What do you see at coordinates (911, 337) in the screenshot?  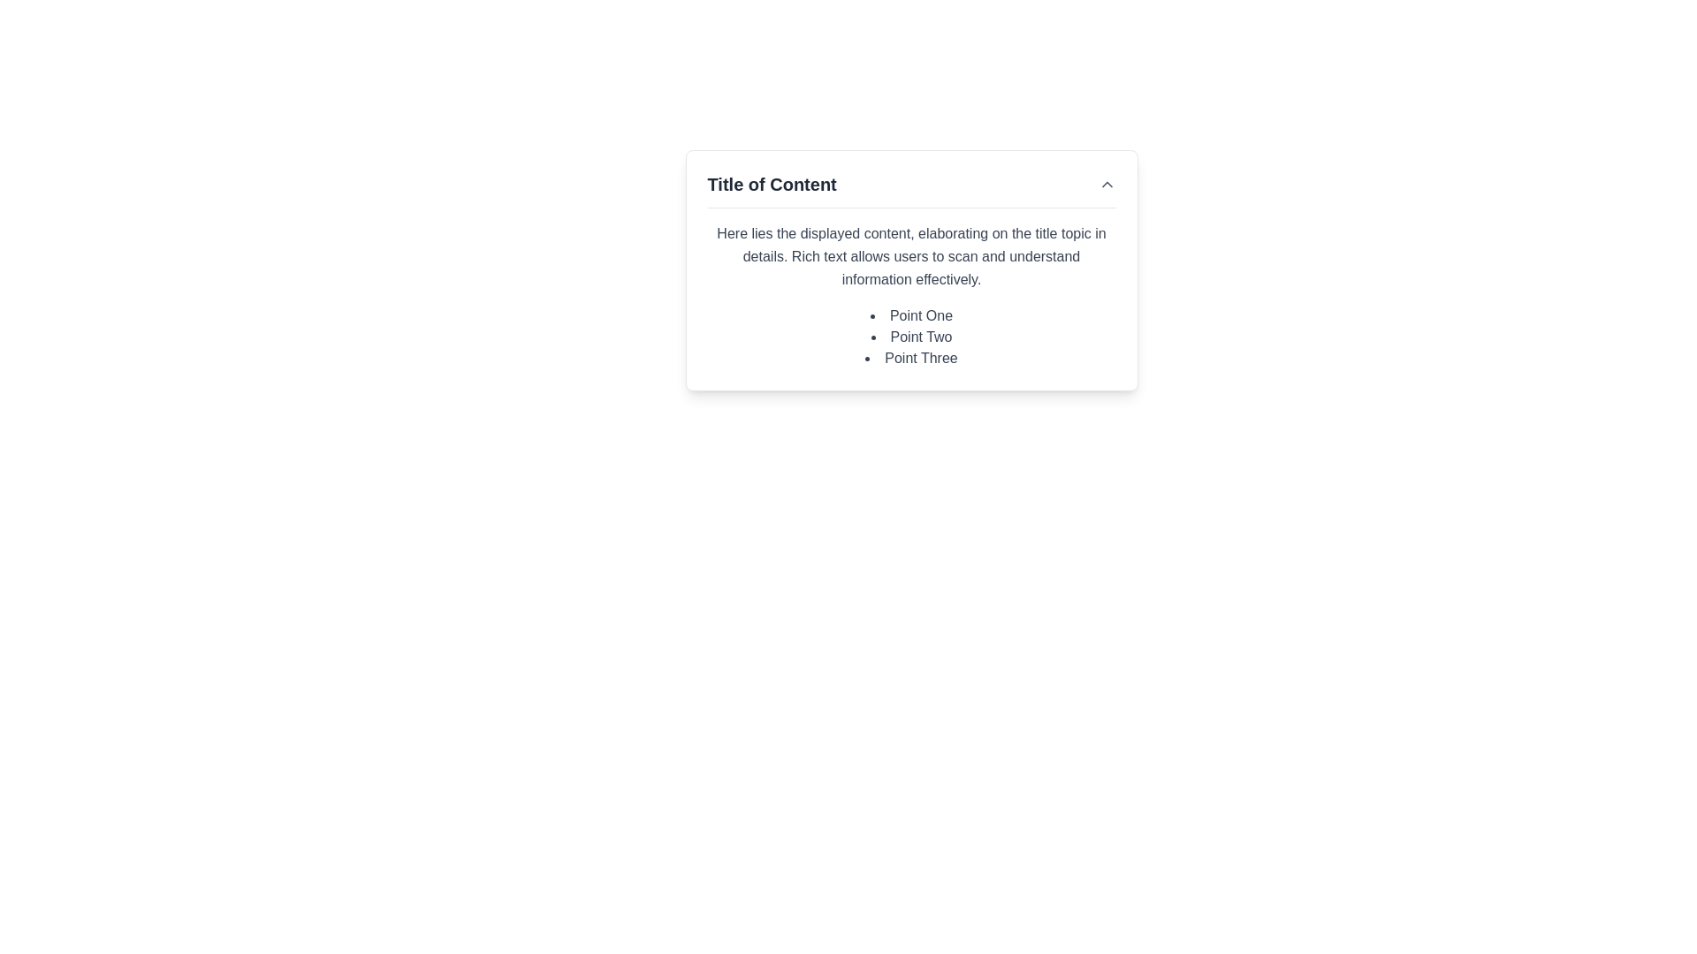 I see `the second item in the vertical list, which displays 'Point Two'` at bounding box center [911, 337].